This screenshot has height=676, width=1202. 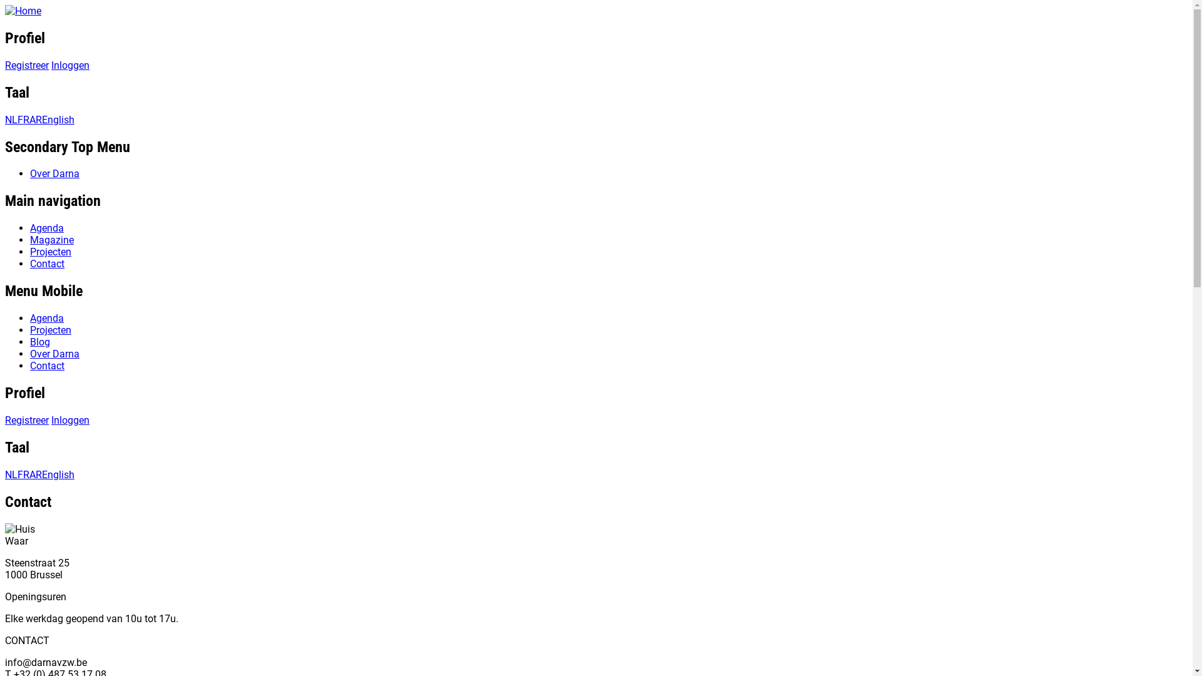 I want to click on 'FR', so click(x=23, y=474).